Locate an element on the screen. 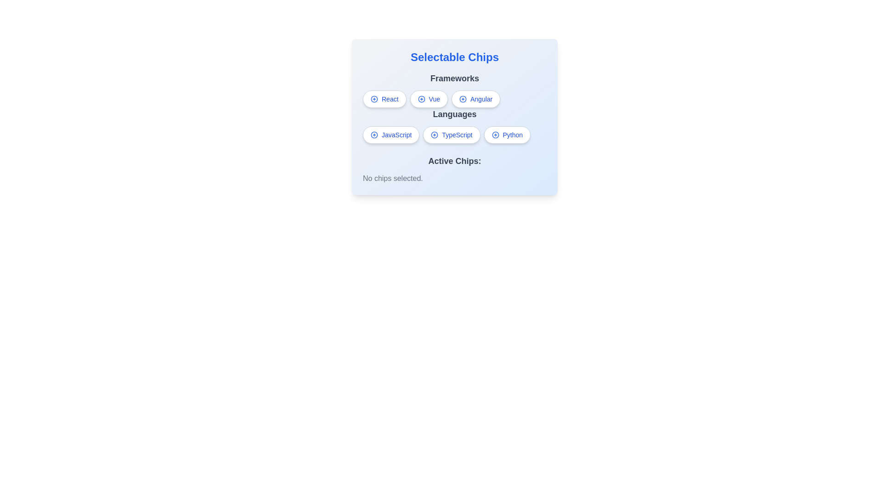 Image resolution: width=882 pixels, height=496 pixels. the 'JavaScript' button located in the 'Languages' section is located at coordinates (391, 135).